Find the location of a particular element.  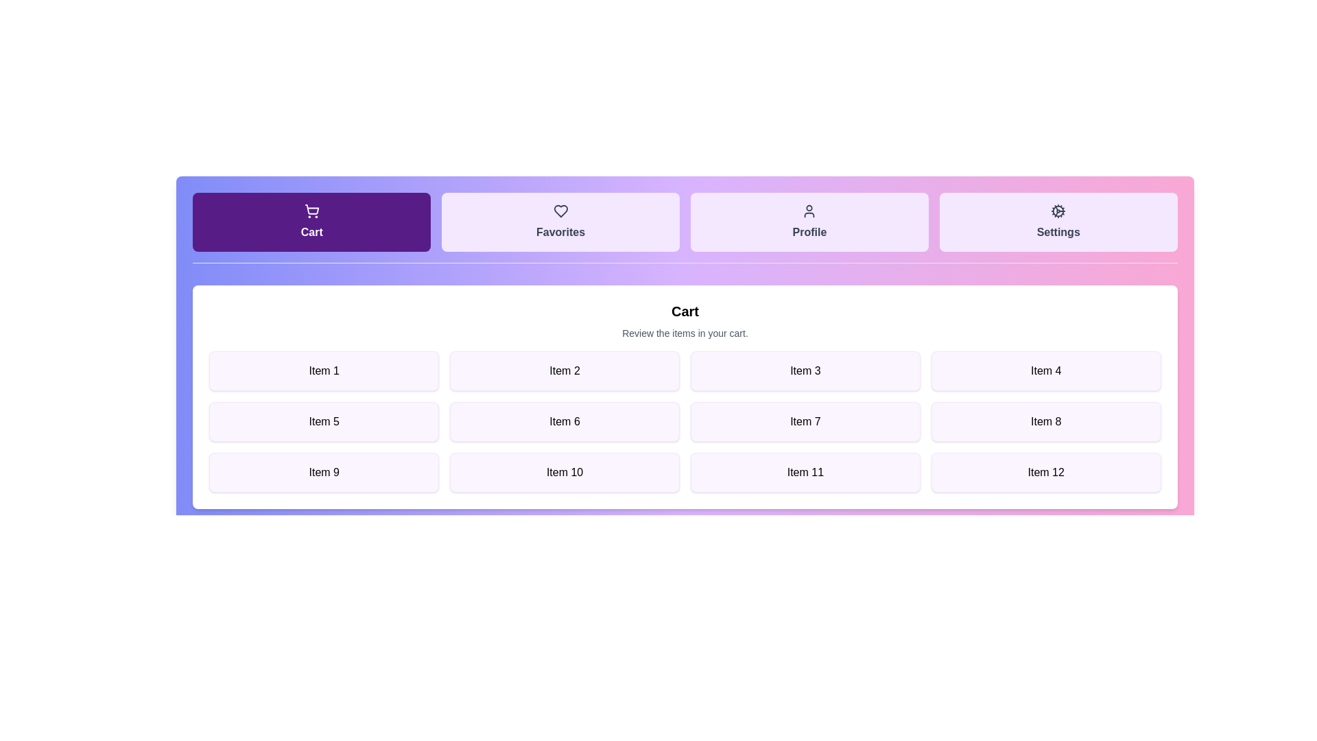

the Profile tab to observe its visual design is located at coordinates (809, 222).